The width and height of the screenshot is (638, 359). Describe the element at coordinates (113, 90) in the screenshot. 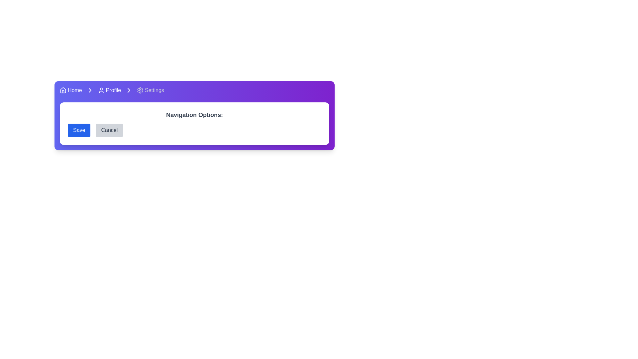

I see `the 'Profile' text label in the main navigation bar to check if it highlights` at that location.